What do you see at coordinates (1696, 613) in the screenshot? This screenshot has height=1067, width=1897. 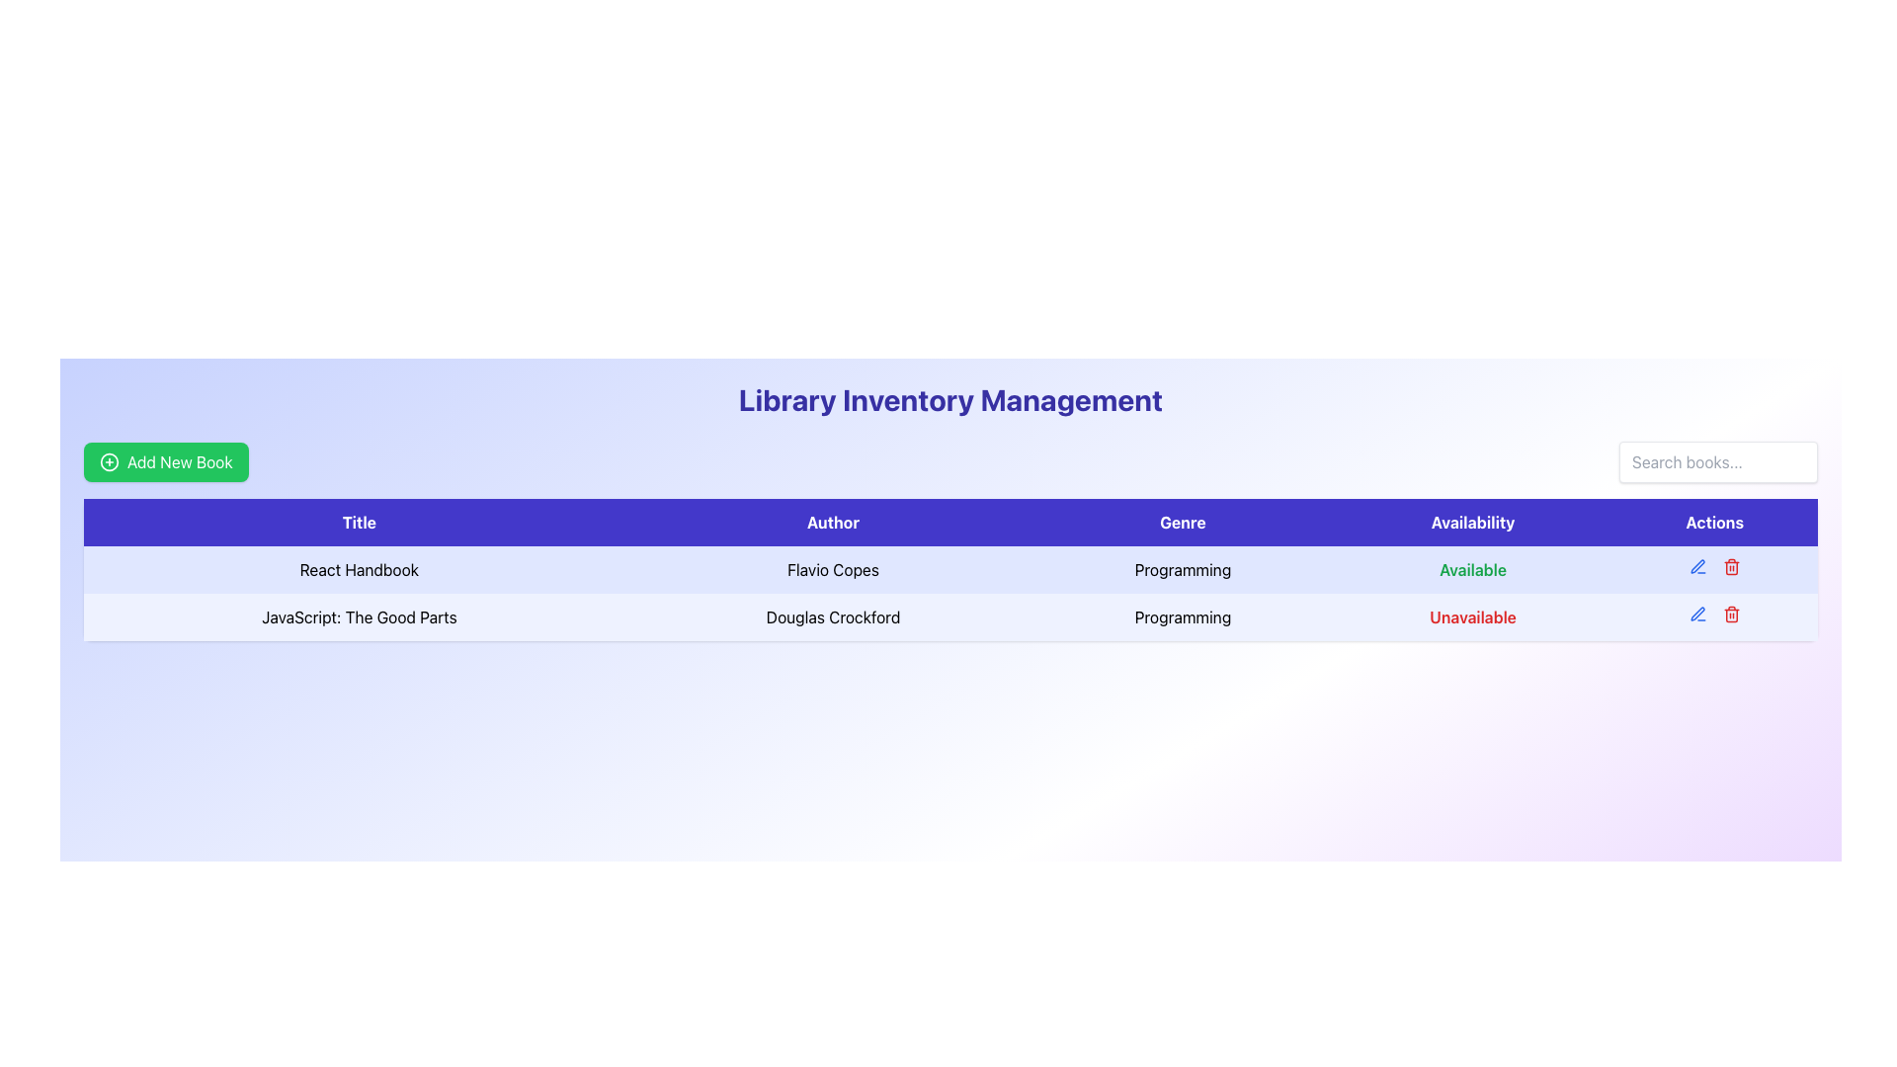 I see `the blue pencil-shaped icon button in the 'Actions' column of the table, located next to the 'Available' label` at bounding box center [1696, 613].